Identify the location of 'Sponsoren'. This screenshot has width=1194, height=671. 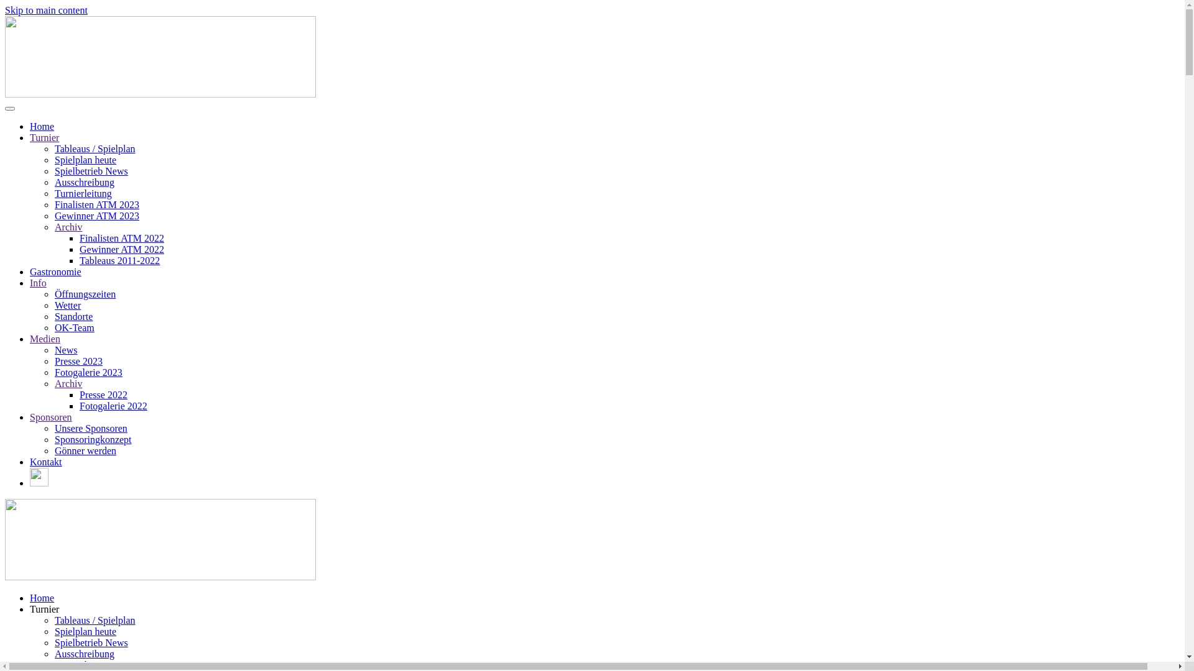
(50, 417).